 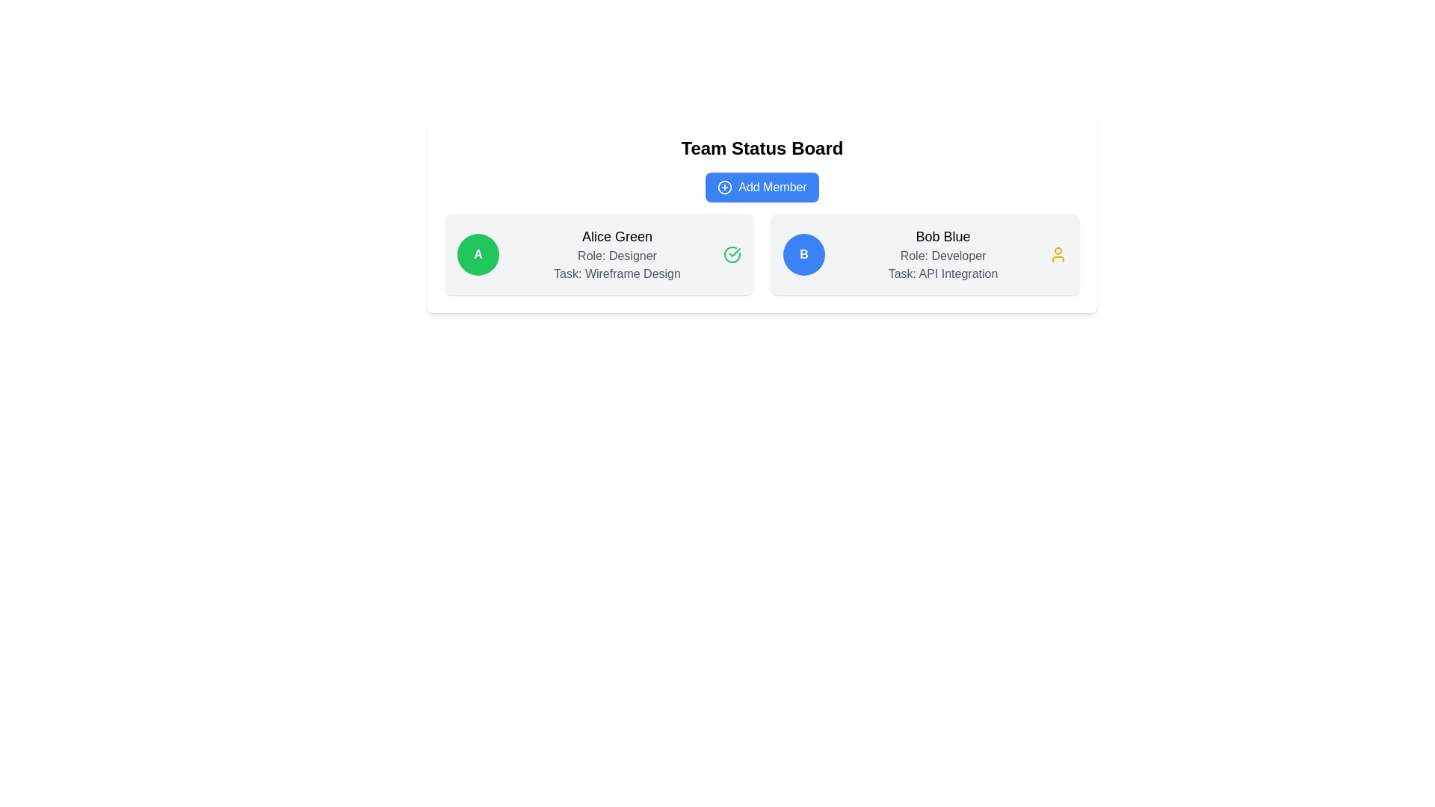 I want to click on the profile summary display in the Team Status Board section, located to the right of the blue circular avatar with the letter 'B', so click(x=942, y=253).